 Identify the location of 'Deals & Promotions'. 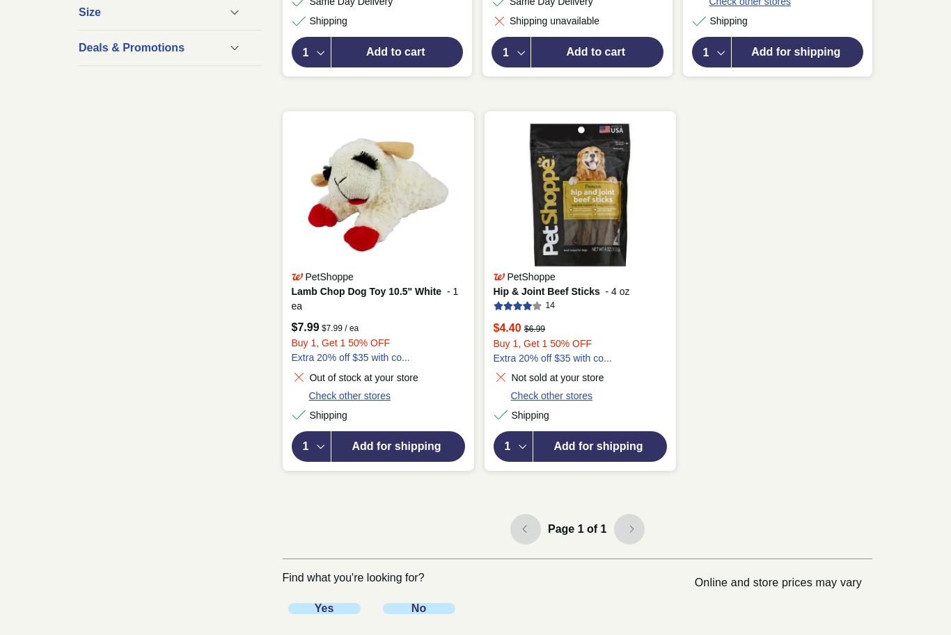
(131, 47).